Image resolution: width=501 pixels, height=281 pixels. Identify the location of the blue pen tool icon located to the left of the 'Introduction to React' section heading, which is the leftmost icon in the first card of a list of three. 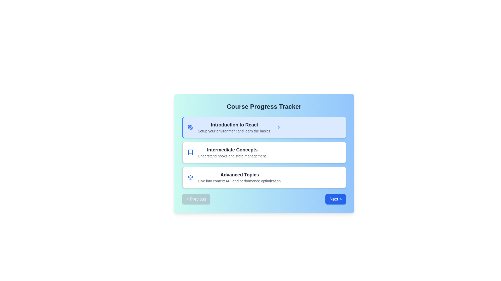
(190, 127).